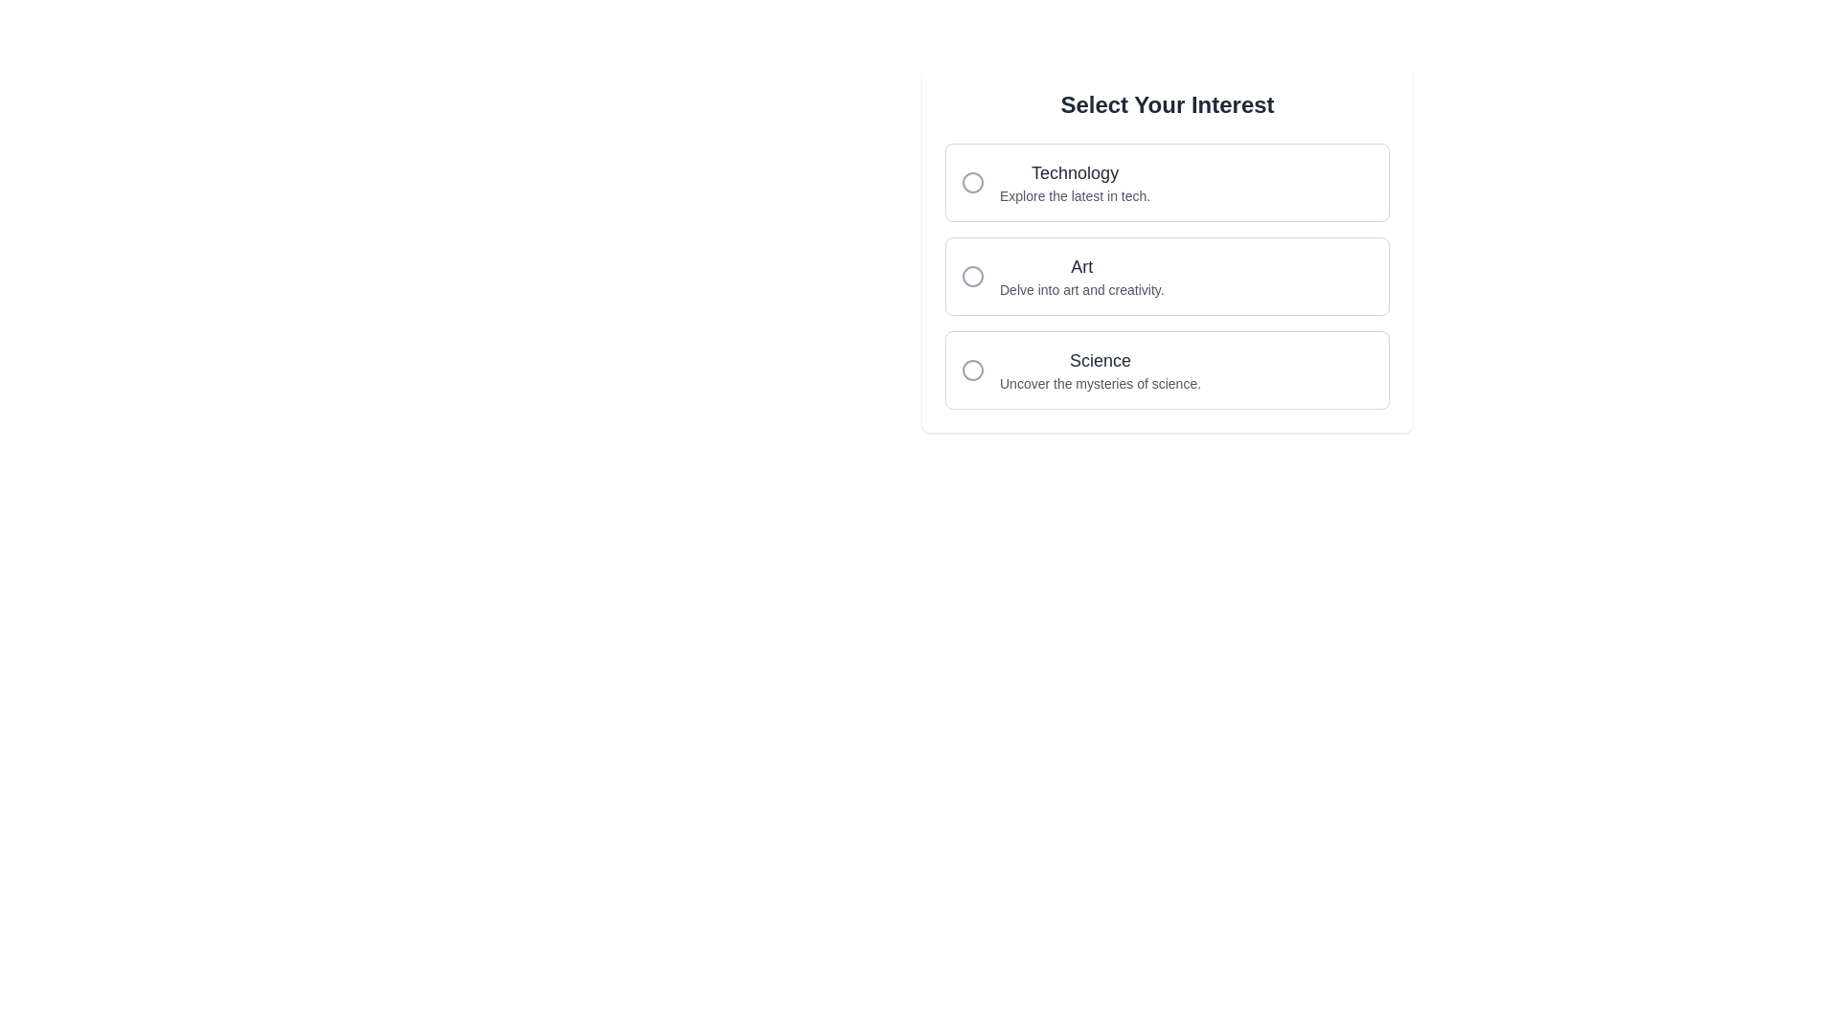  Describe the element at coordinates (1167, 277) in the screenshot. I see `the radio button group item located in the center of the interface, which is the second option in a vertical list for selecting an interest category` at that location.